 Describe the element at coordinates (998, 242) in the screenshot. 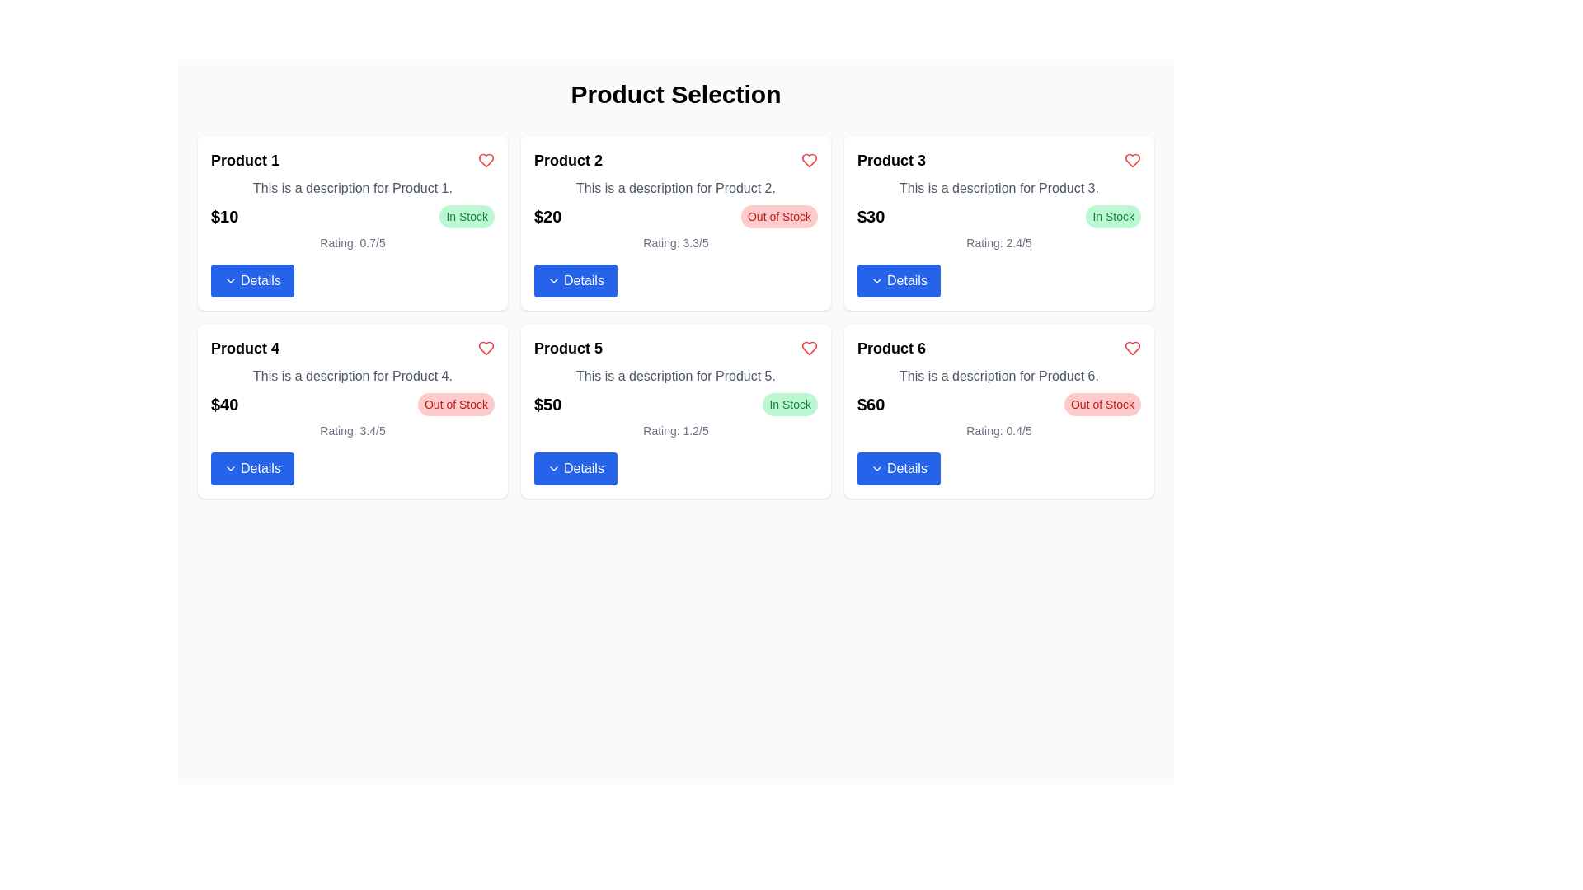

I see `text label displaying the average rating of Product 3, which is positioned below the price '$30' and above the 'Details' button` at that location.